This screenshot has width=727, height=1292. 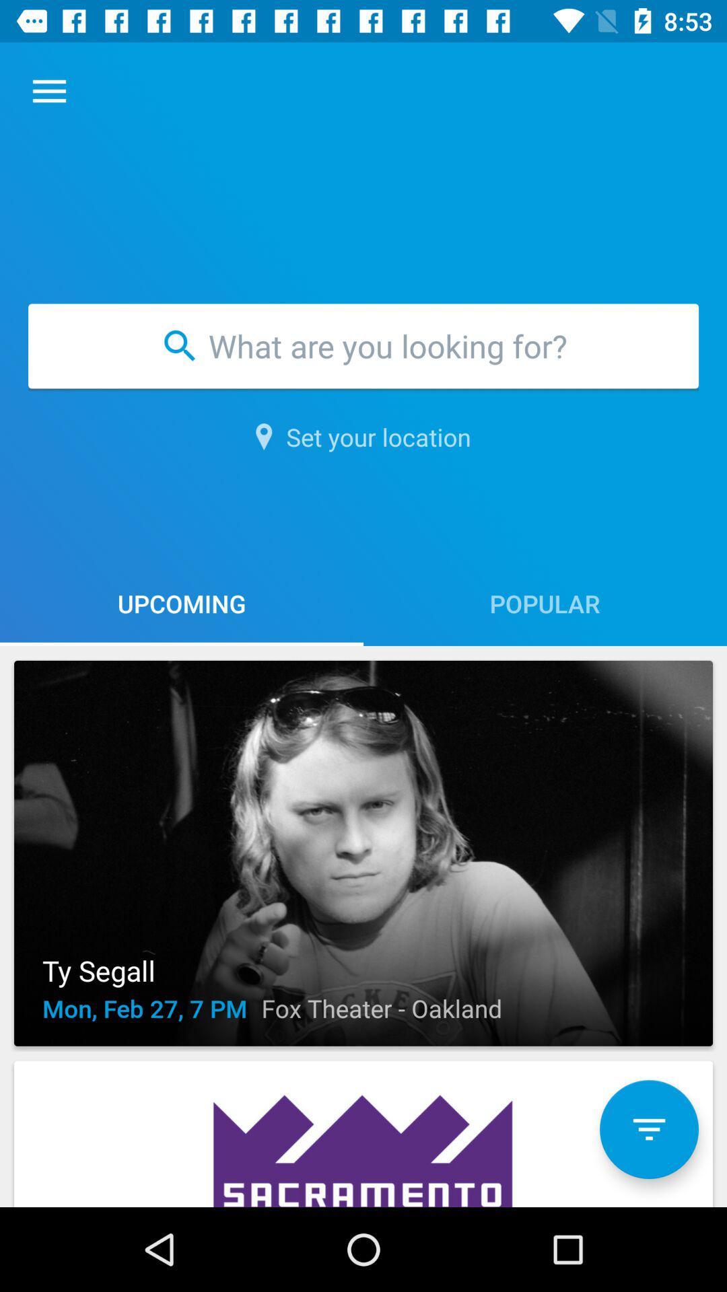 I want to click on the icon above the upcoming icon, so click(x=363, y=437).